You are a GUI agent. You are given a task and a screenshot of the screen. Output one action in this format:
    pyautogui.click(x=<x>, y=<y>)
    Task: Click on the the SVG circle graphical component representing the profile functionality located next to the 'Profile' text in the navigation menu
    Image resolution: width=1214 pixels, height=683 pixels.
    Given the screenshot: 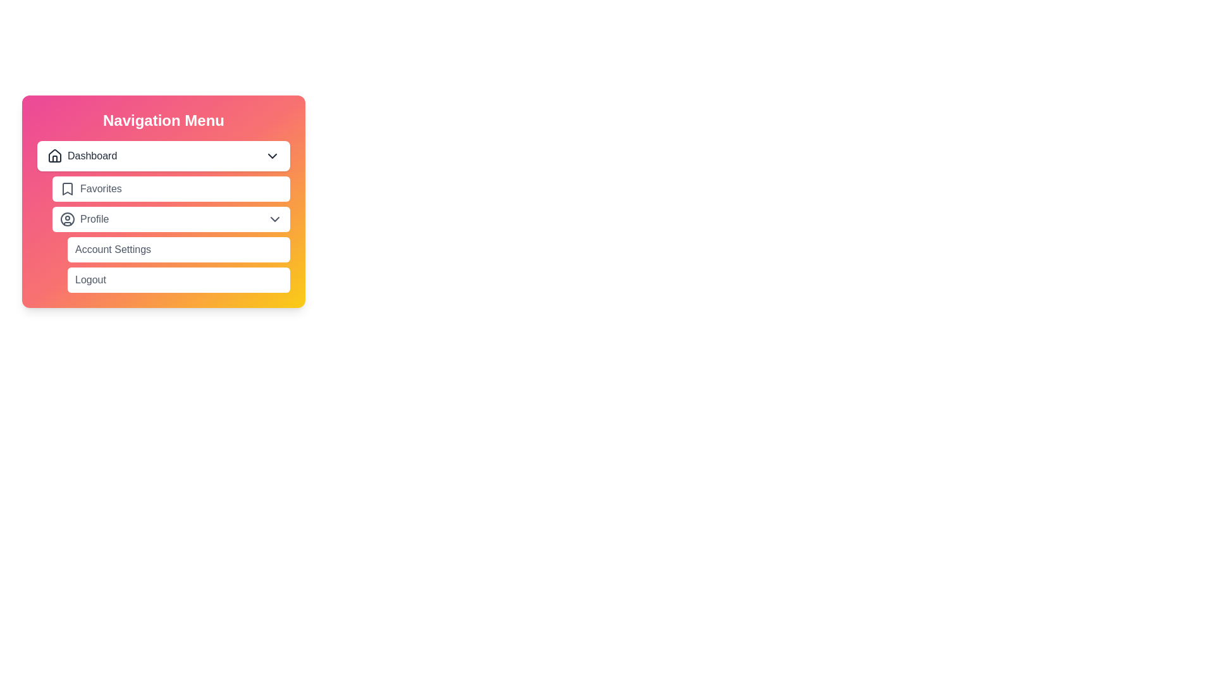 What is the action you would take?
    pyautogui.click(x=66, y=219)
    